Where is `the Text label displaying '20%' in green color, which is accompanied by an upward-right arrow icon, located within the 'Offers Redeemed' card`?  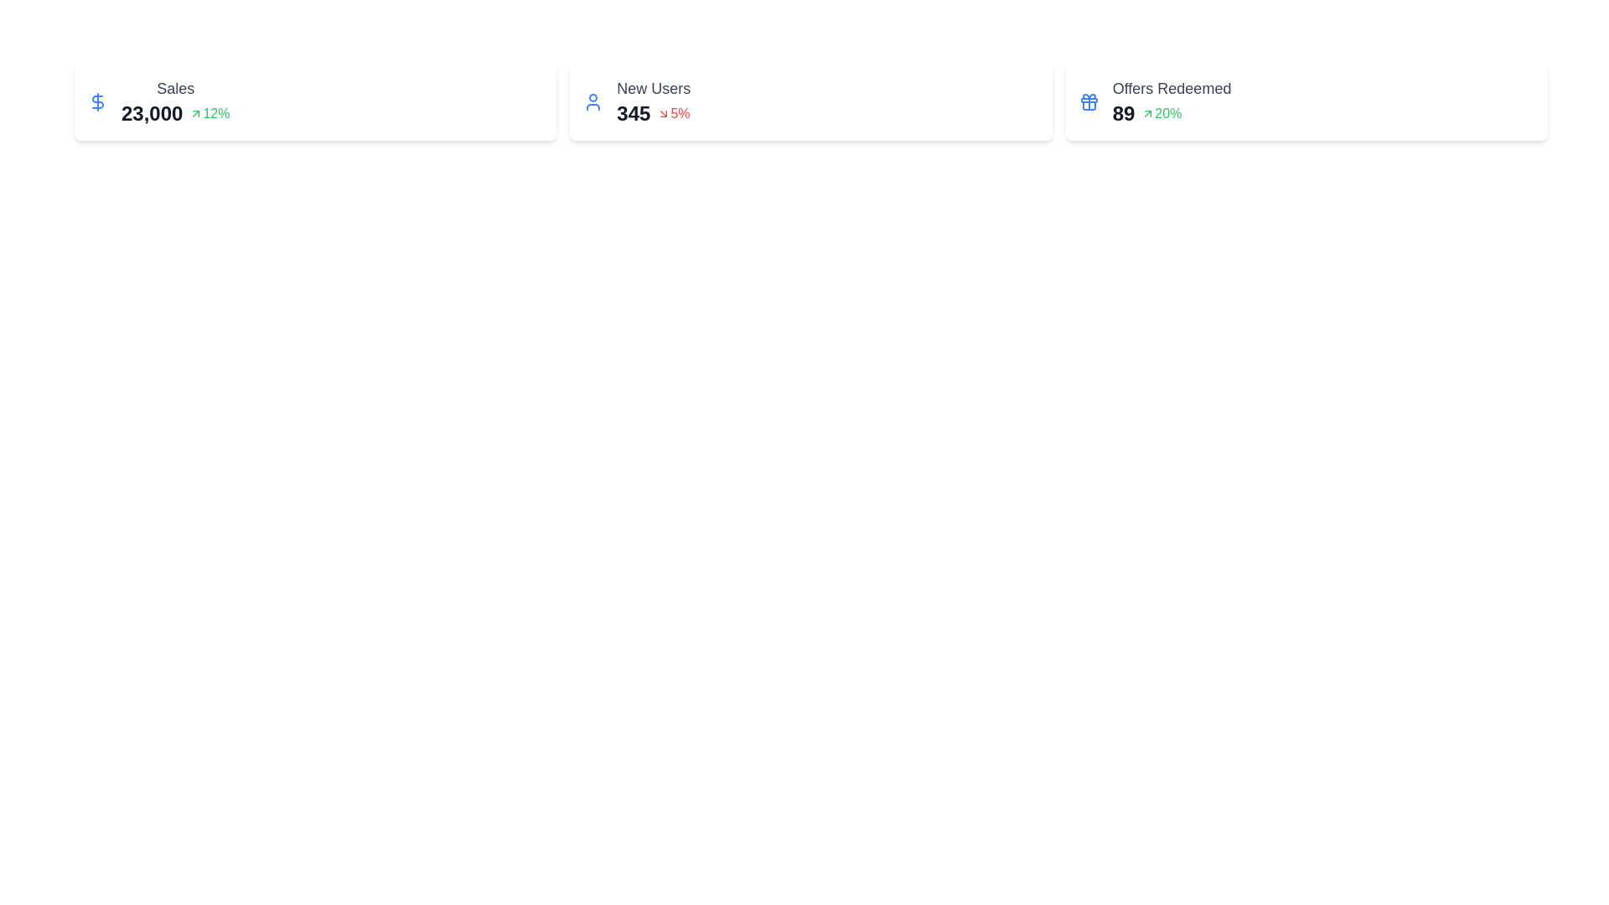 the Text label displaying '20%' in green color, which is accompanied by an upward-right arrow icon, located within the 'Offers Redeemed' card is located at coordinates (1161, 113).